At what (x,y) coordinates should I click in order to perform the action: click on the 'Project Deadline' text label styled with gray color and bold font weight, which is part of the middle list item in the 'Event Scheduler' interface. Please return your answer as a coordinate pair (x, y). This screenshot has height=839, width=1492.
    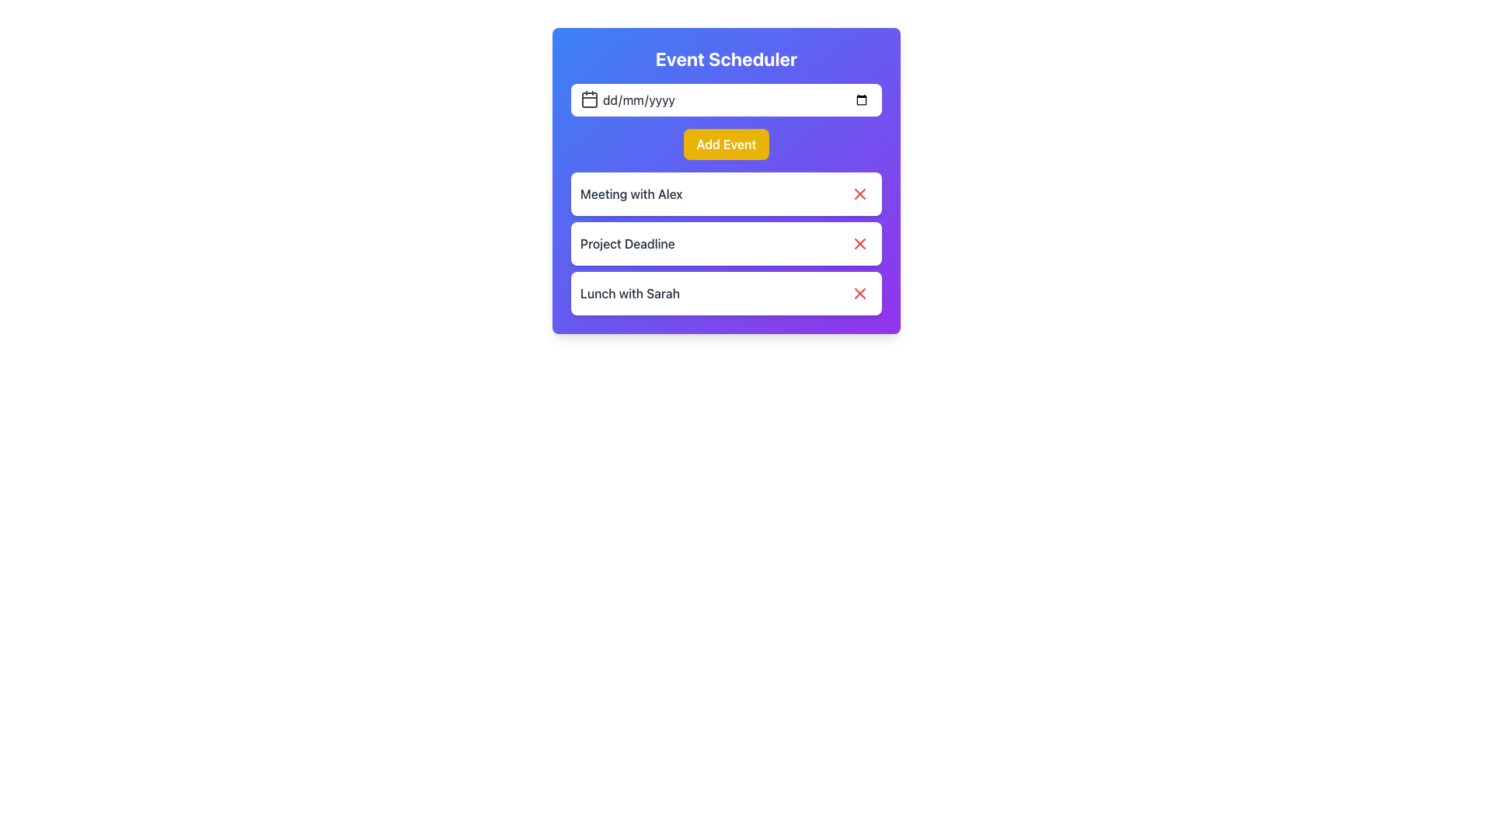
    Looking at the image, I should click on (627, 243).